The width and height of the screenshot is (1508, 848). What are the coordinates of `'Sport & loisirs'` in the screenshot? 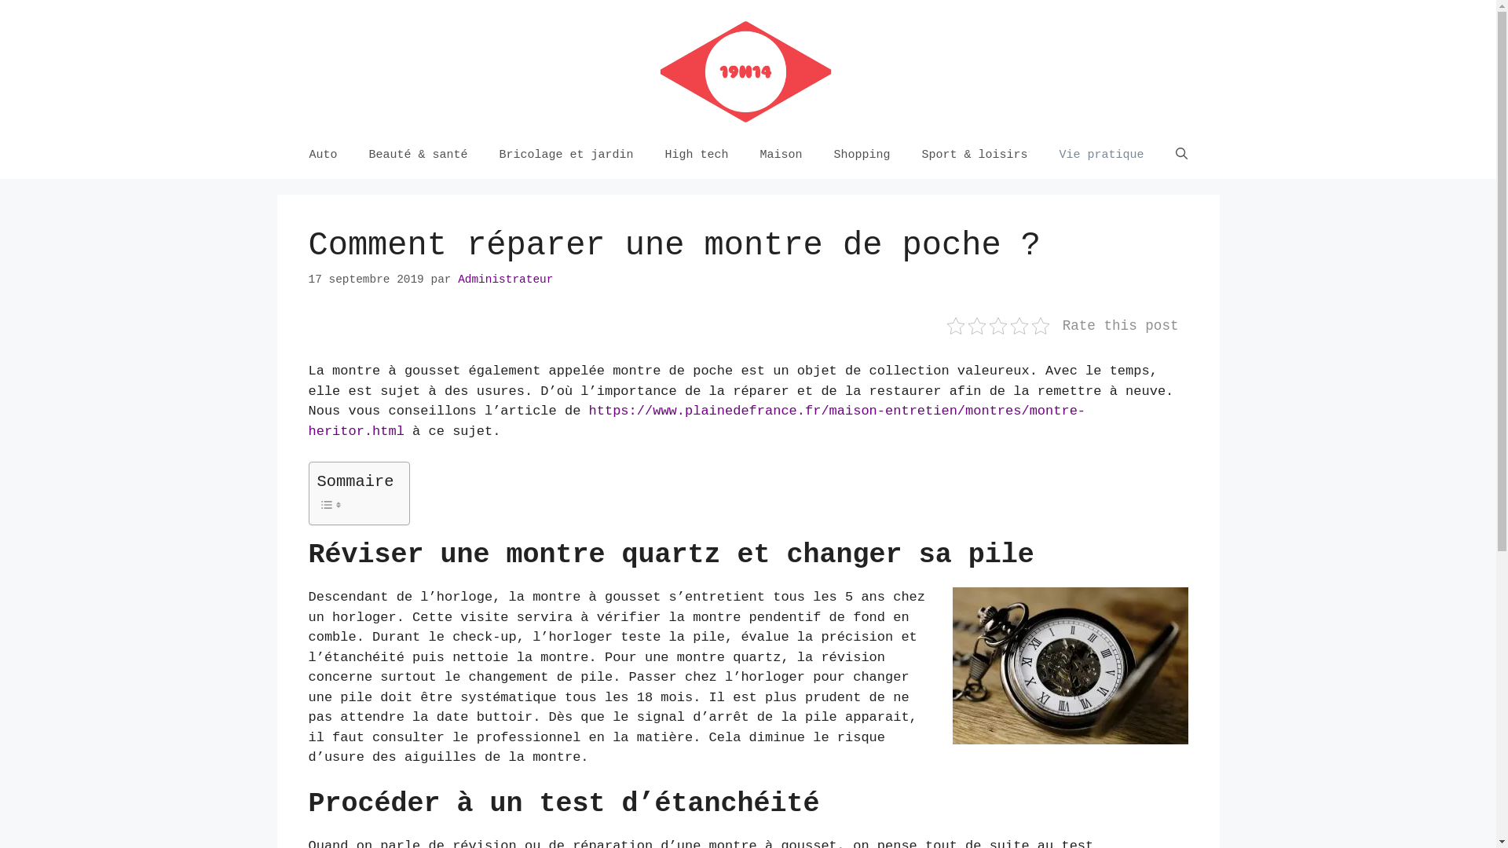 It's located at (974, 155).